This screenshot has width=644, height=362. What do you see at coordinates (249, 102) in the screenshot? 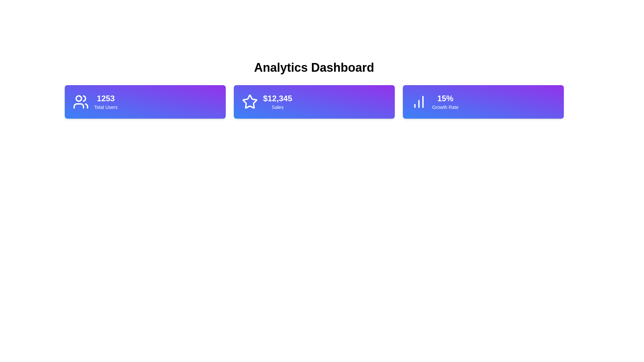
I see `the star-shaped icon with a gradient blue-to-purple background located in the second metric card labeled '$12,345 Sales' on the dashboard` at bounding box center [249, 102].